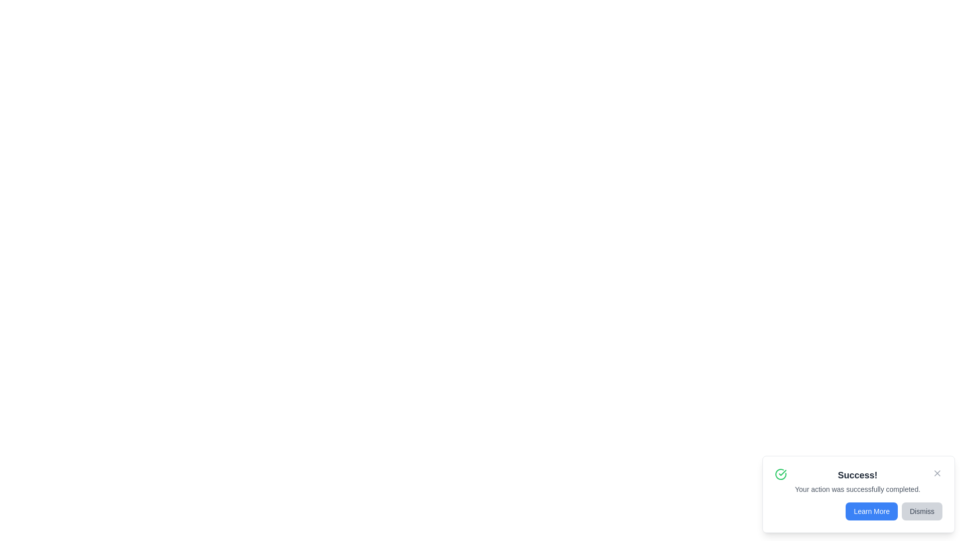  Describe the element at coordinates (780, 474) in the screenshot. I see `the success icon to interact with it` at that location.